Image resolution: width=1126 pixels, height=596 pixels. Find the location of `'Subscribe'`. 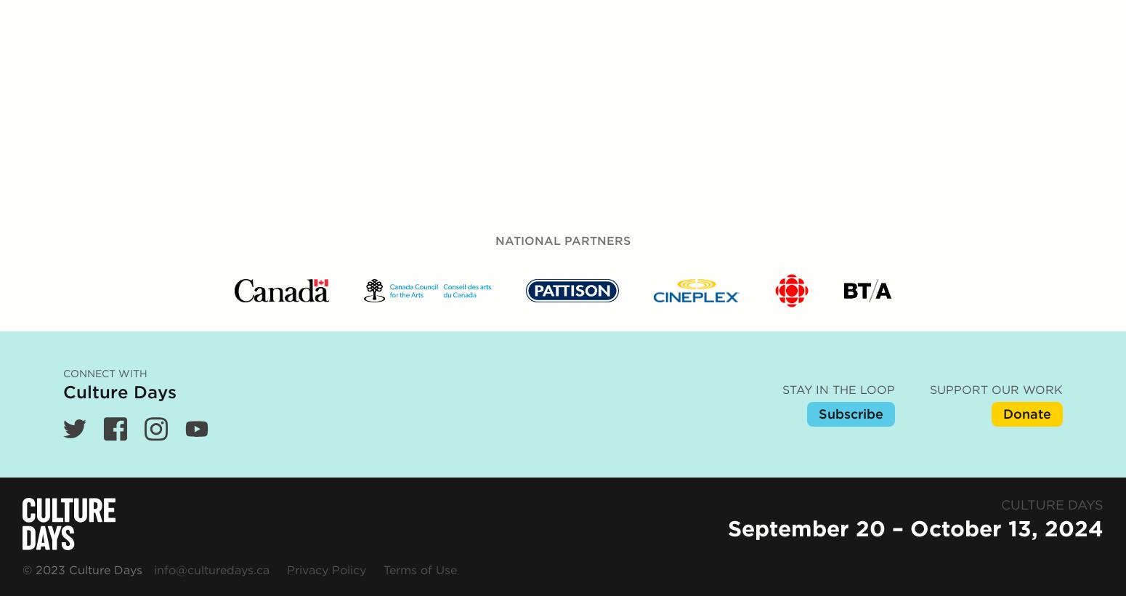

'Subscribe' is located at coordinates (851, 102).